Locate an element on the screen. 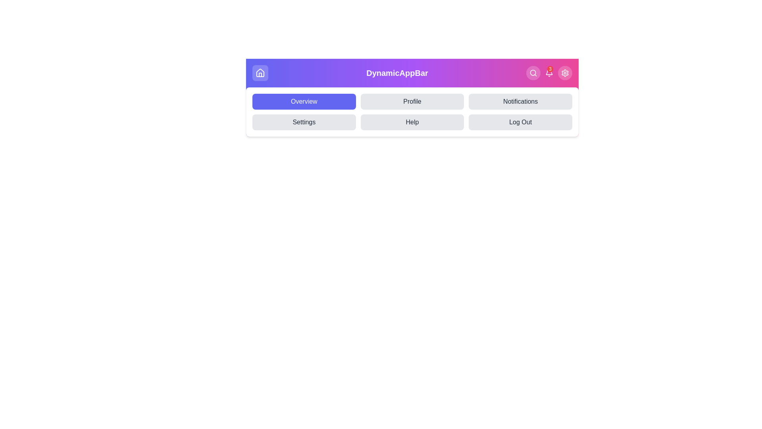  the search button to initiate a search action is located at coordinates (533, 73).